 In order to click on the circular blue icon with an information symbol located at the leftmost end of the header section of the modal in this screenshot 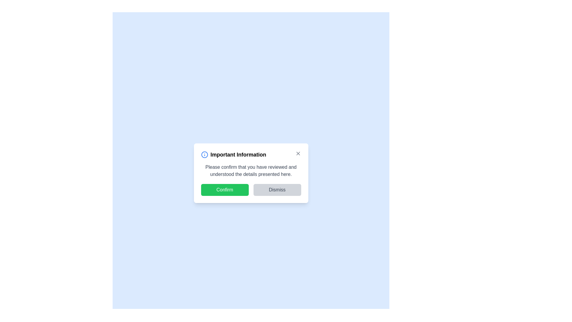, I will do `click(204, 154)`.